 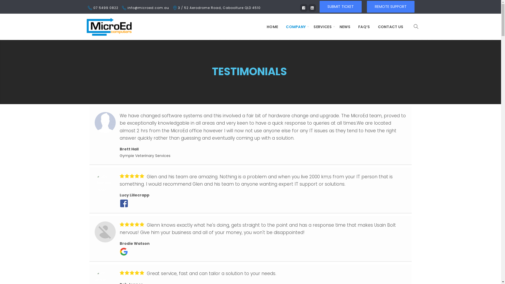 What do you see at coordinates (105, 8) in the screenshot?
I see `'07 5499 0822'` at bounding box center [105, 8].